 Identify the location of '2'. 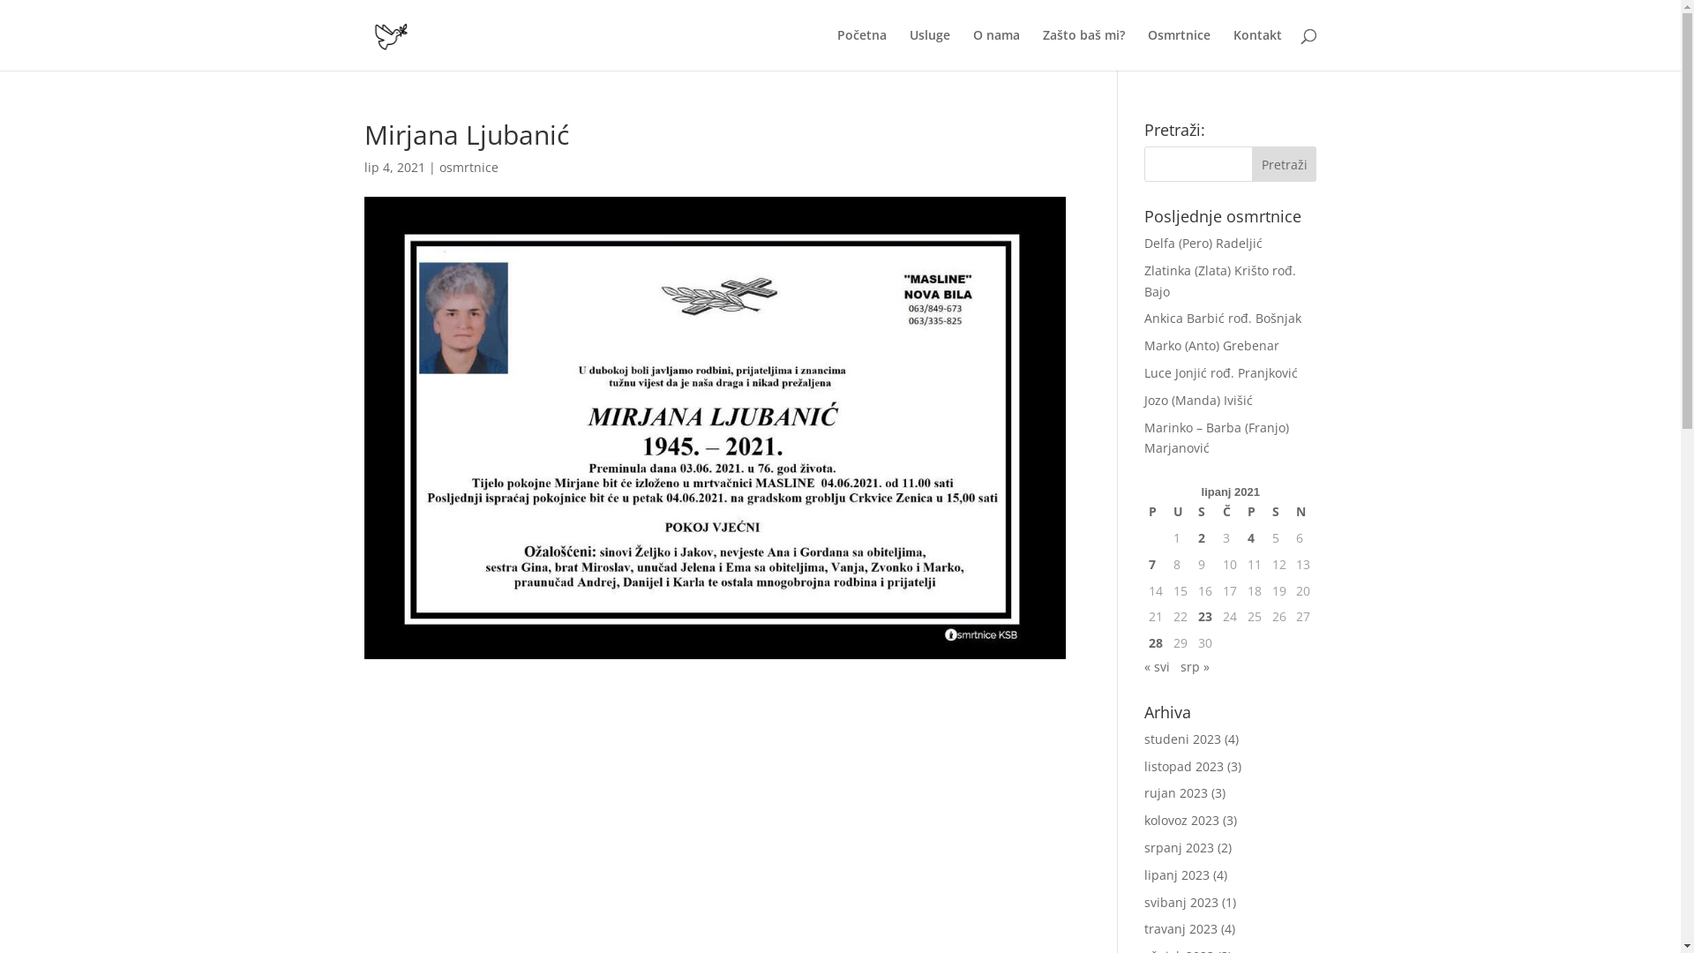
(1198, 537).